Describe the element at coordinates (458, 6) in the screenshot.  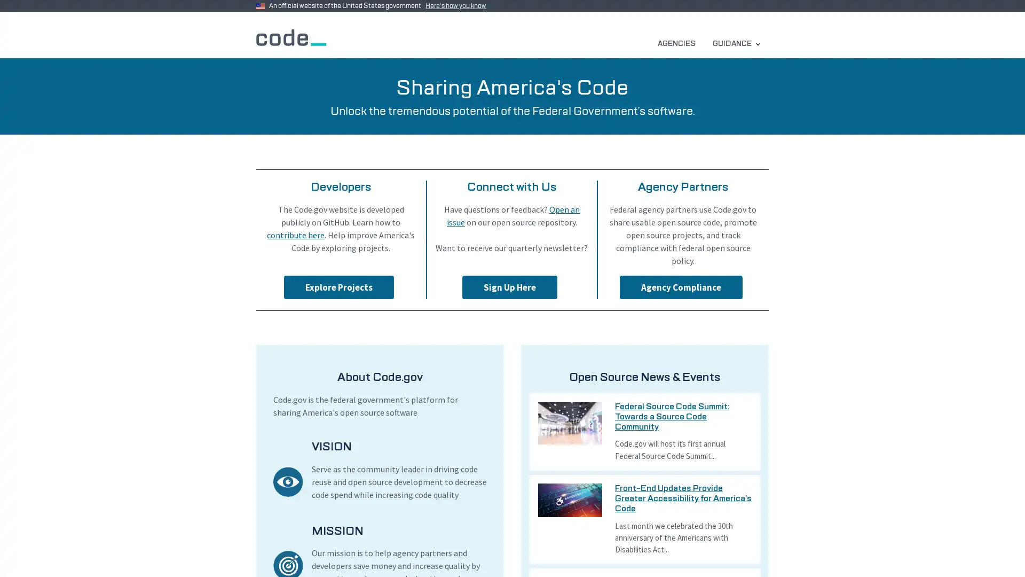
I see `Here's how you know` at that location.